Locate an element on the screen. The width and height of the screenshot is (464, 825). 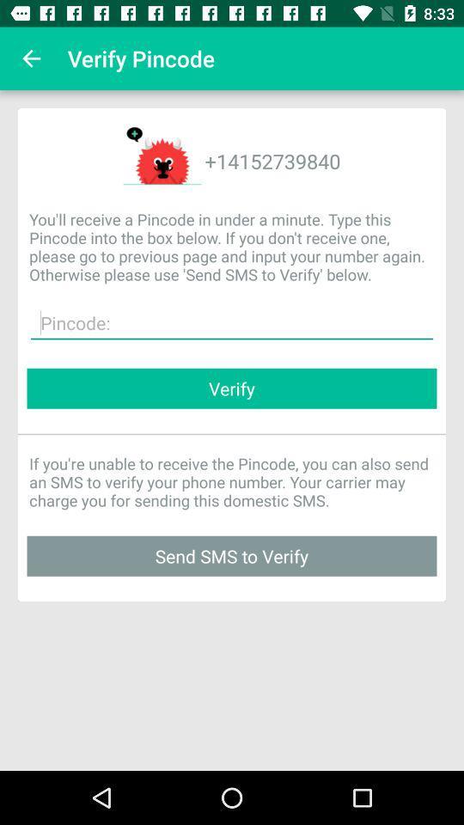
the pincode is located at coordinates (232, 322).